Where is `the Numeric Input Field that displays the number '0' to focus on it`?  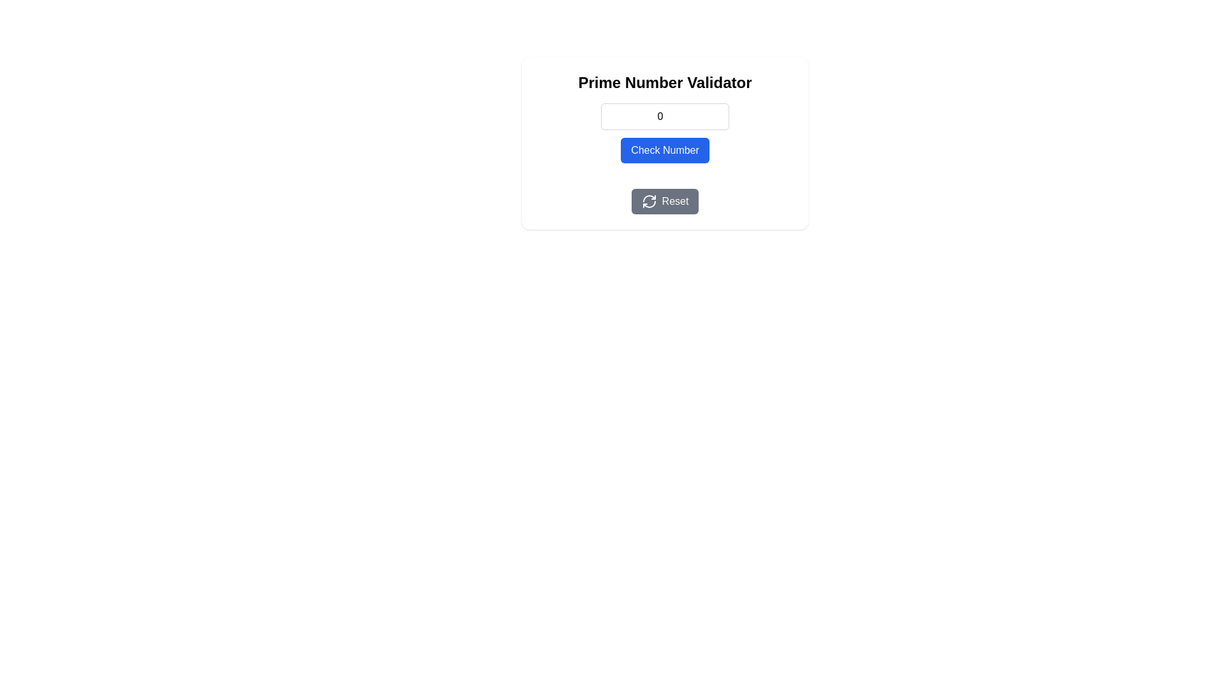 the Numeric Input Field that displays the number '0' to focus on it is located at coordinates (664, 116).